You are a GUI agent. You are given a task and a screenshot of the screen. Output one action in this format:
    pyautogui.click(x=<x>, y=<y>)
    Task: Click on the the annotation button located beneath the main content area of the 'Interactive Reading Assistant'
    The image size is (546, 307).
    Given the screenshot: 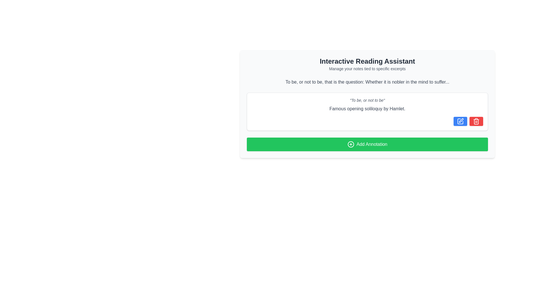 What is the action you would take?
    pyautogui.click(x=367, y=144)
    